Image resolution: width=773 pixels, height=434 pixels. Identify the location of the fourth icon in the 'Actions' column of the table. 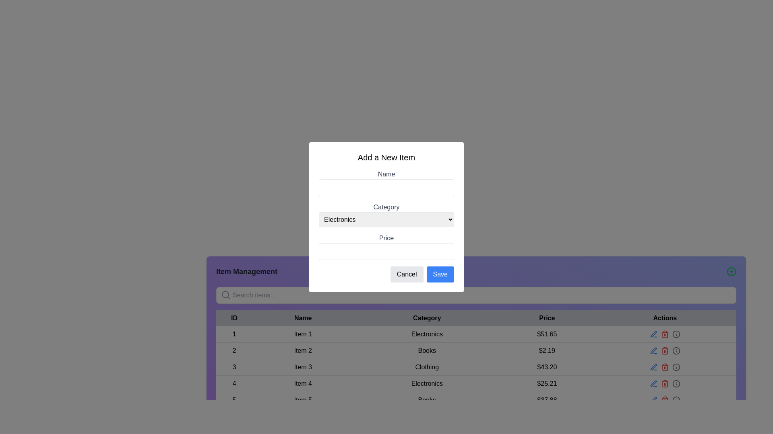
(676, 367).